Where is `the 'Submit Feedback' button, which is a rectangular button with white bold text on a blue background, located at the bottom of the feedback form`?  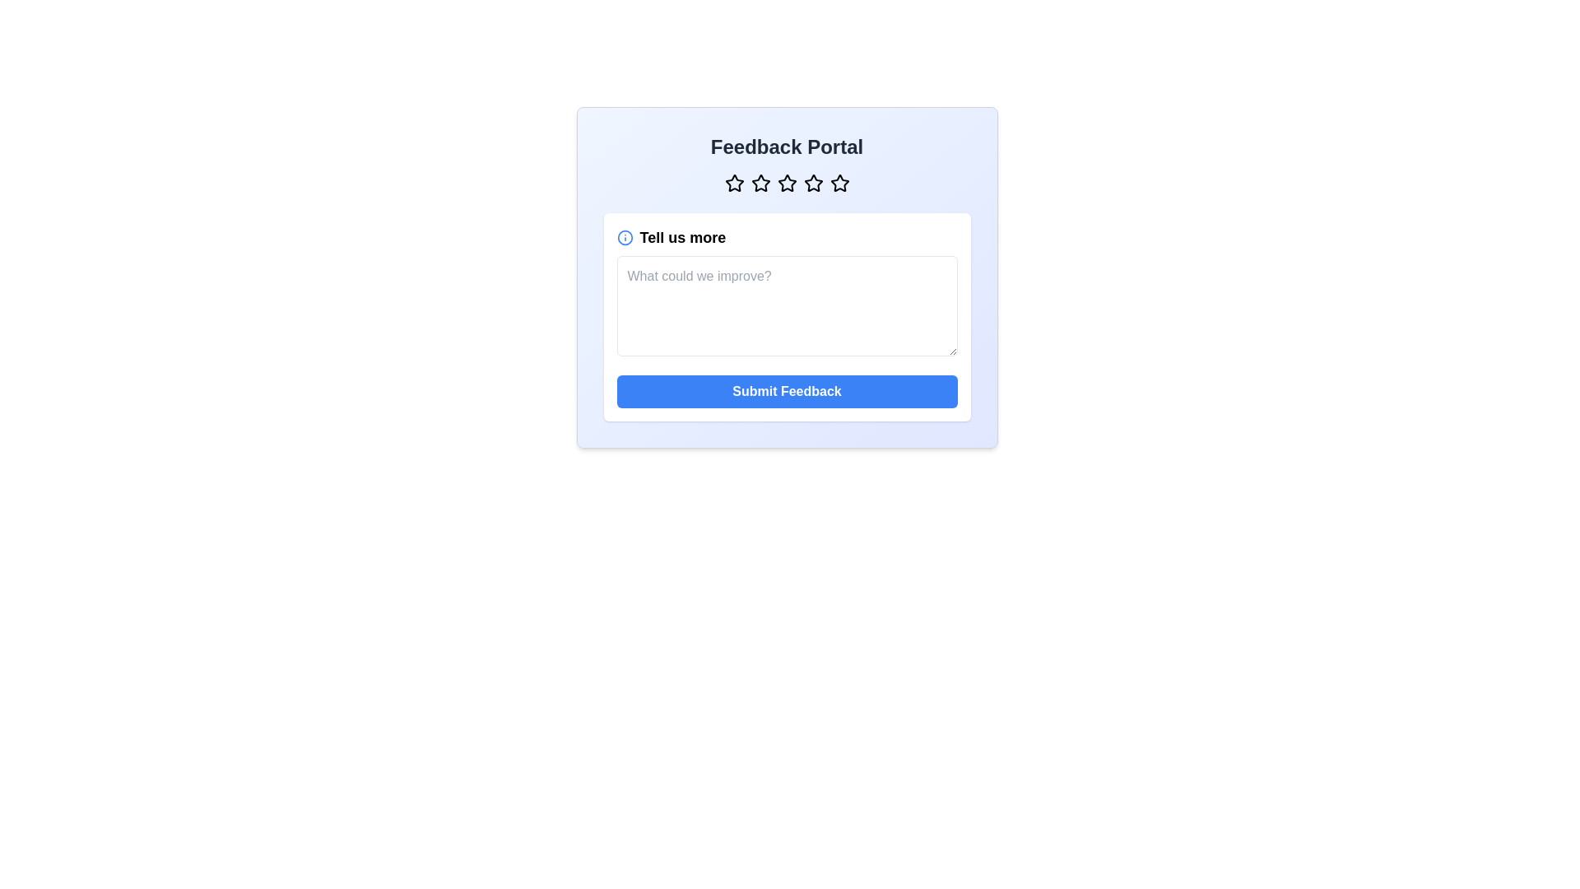 the 'Submit Feedback' button, which is a rectangular button with white bold text on a blue background, located at the bottom of the feedback form is located at coordinates (786, 391).